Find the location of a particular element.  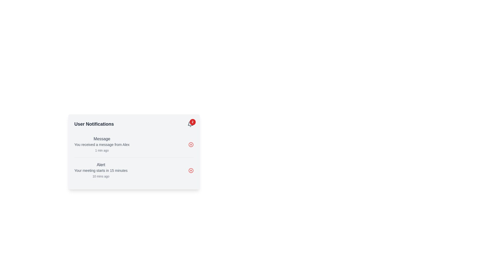

the delete button located at the far right side of the 'Message' notification row, next to the text 'You received a message from Alex' is located at coordinates (191, 144).